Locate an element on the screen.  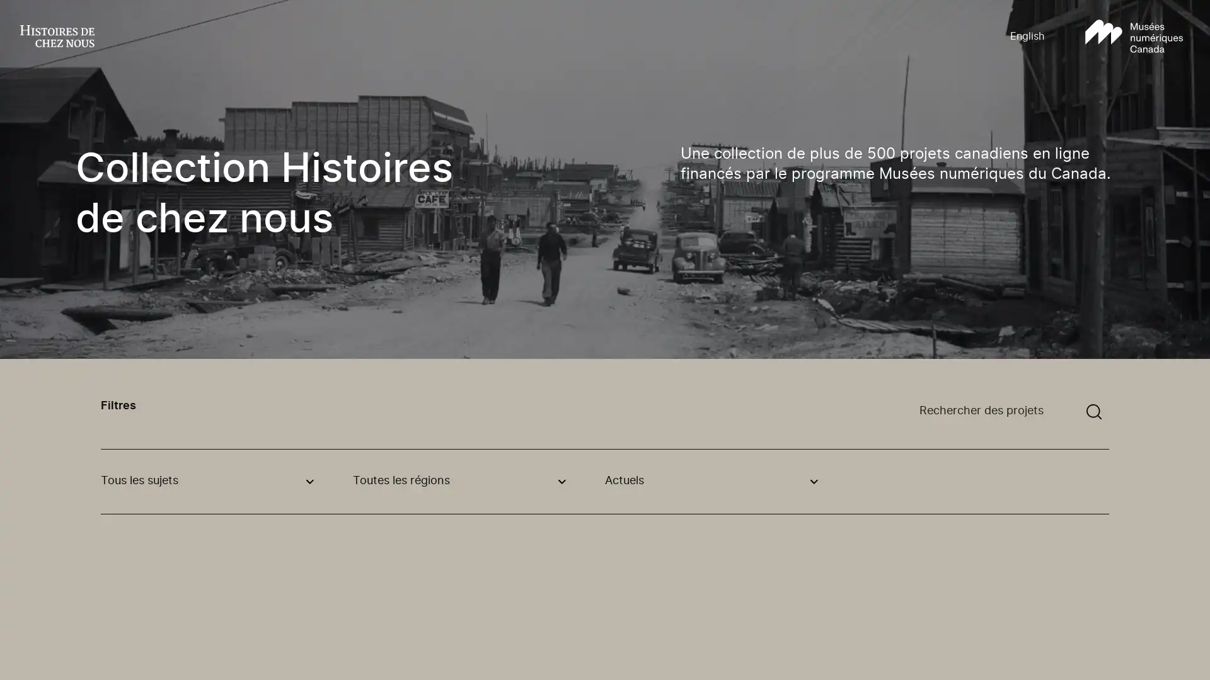
Aller au site Musees numeriques Canada is located at coordinates (1134, 36).